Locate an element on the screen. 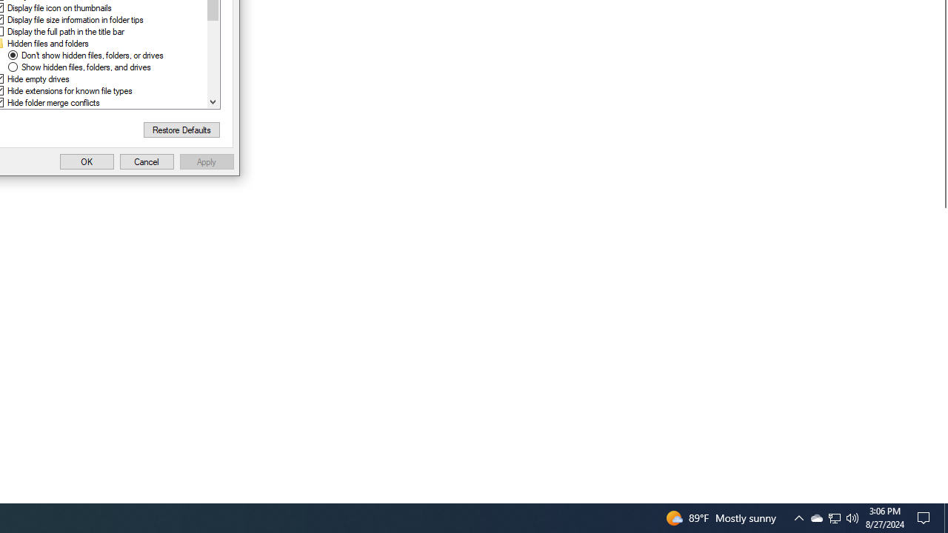 Image resolution: width=948 pixels, height=533 pixels. 'Line down' is located at coordinates (212, 101).